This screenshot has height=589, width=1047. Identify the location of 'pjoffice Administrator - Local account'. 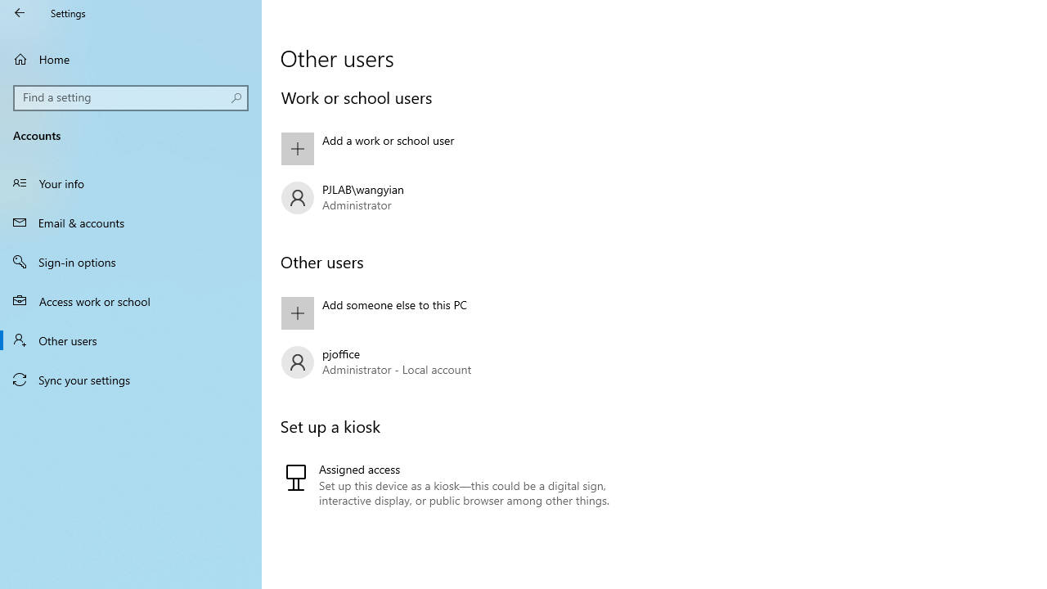
(460, 362).